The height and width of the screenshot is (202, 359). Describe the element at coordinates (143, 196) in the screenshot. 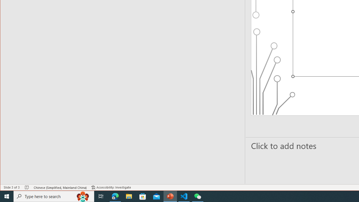

I see `'Microsoft Store'` at that location.